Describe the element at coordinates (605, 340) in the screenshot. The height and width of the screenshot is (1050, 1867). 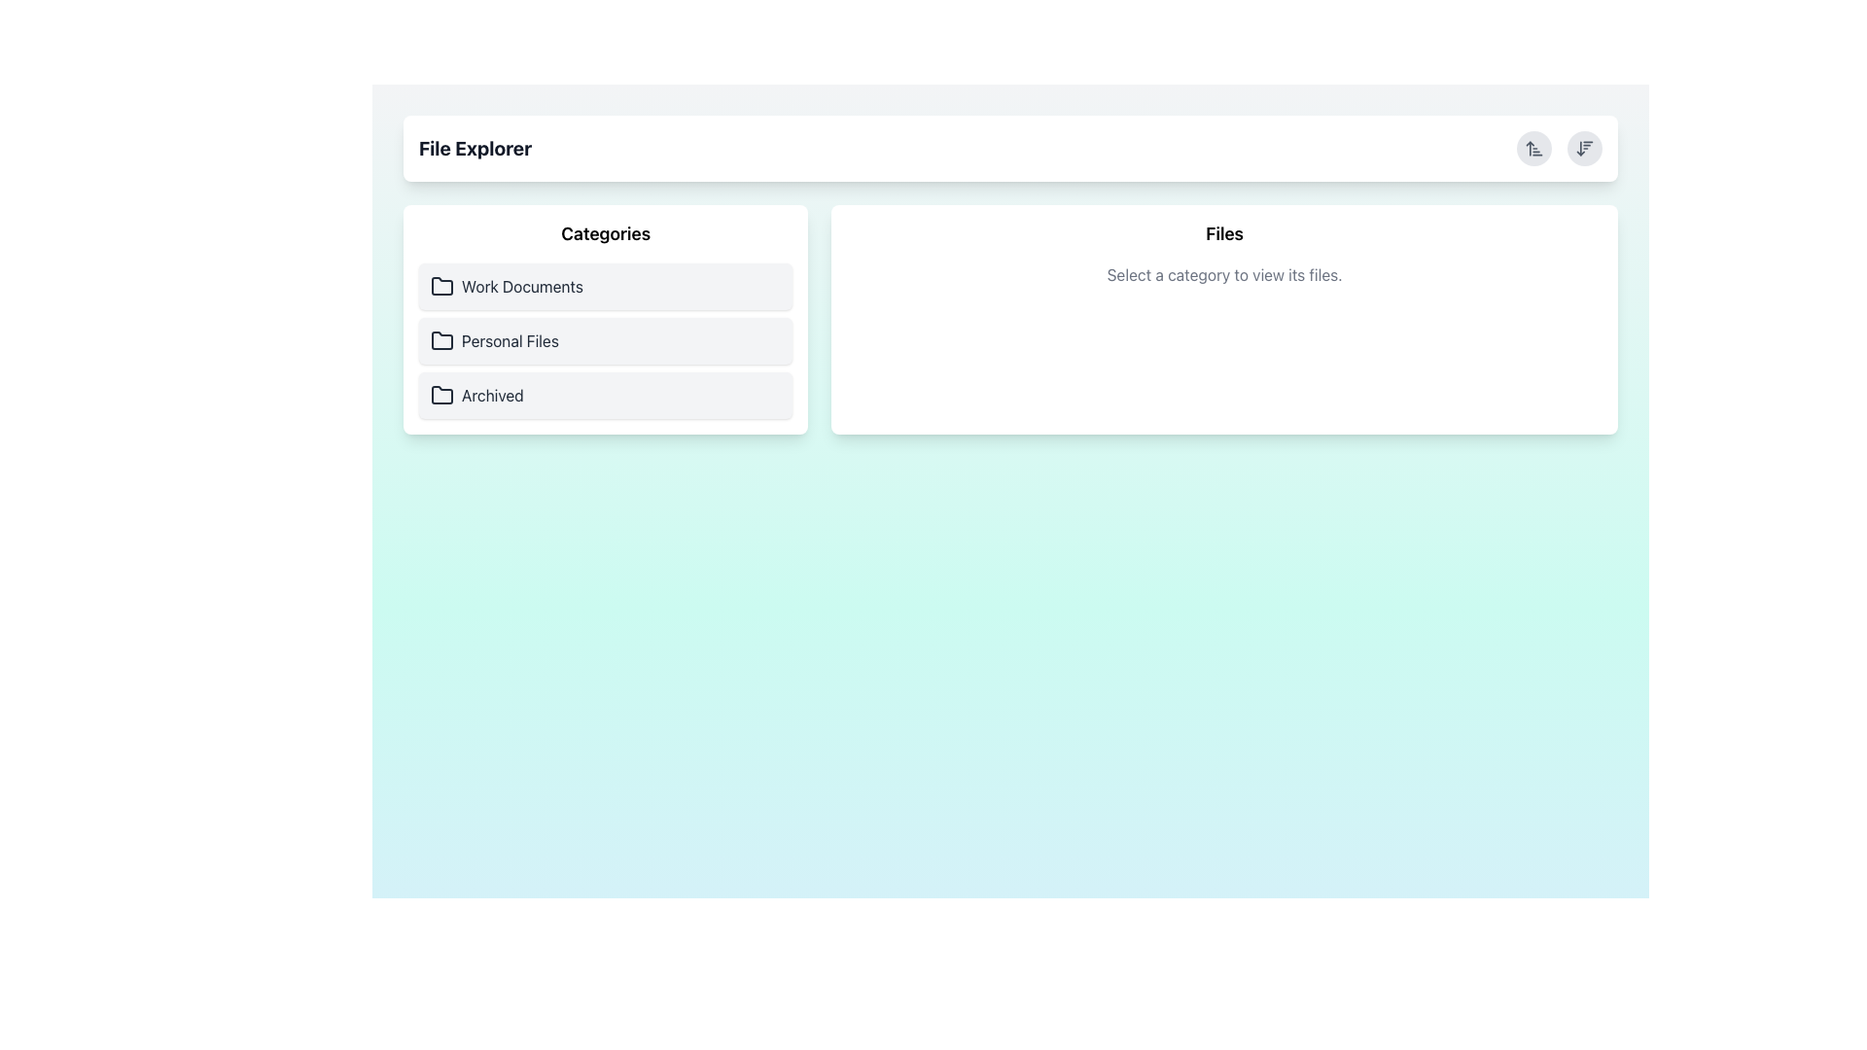
I see `the 'Personal Files' category selector in the File Explorer's left panel` at that location.